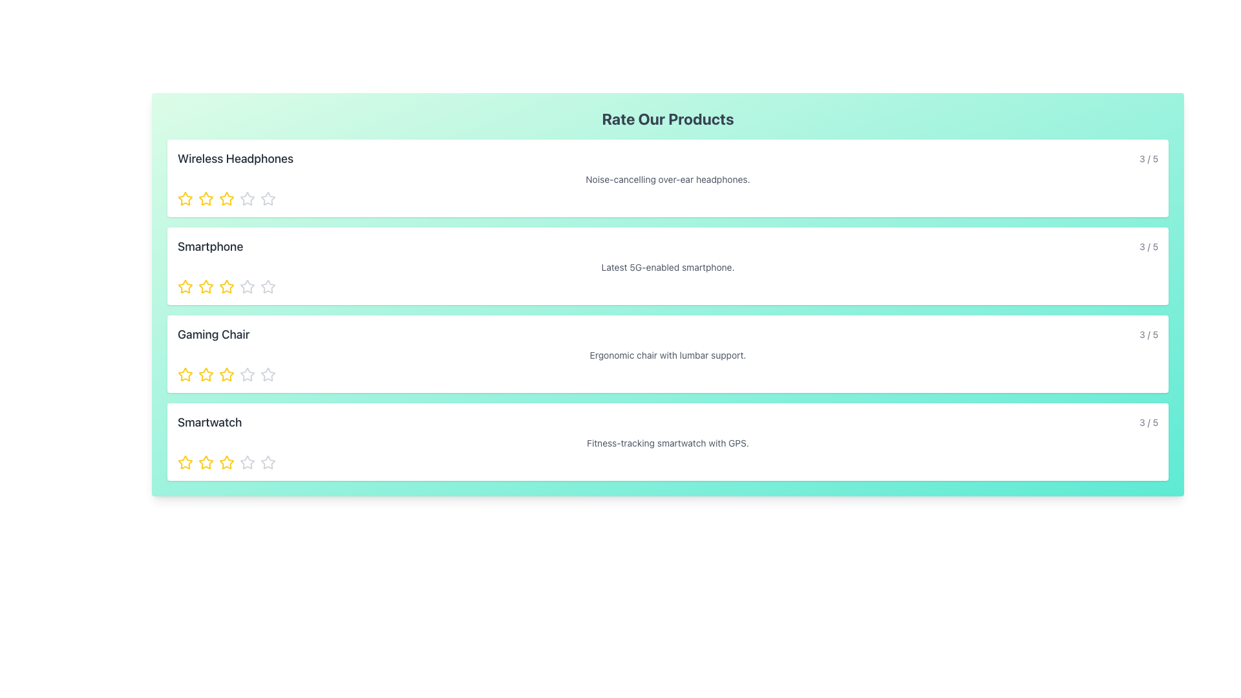  I want to click on the text label displaying 'Fitness-tracking smartwatch with GPS.' located under the 'Smartwatch' headline in the fourth row of the product list, so click(668, 443).